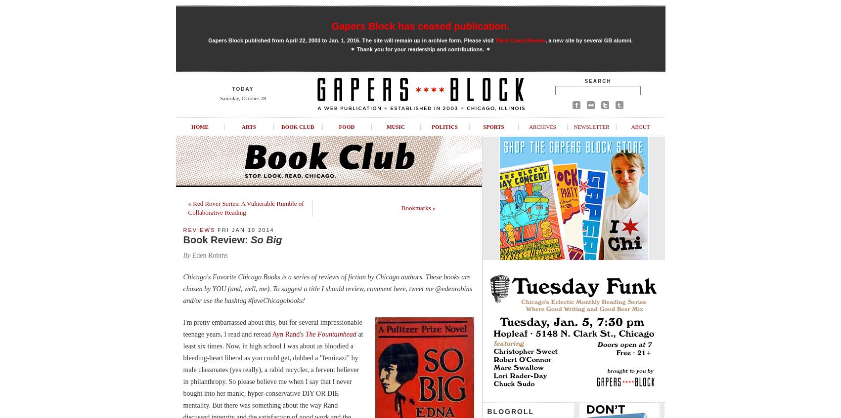 The width and height of the screenshot is (841, 418). What do you see at coordinates (327, 289) in the screenshot?
I see `'Chicago's Favorite Chicago Books is a series of reviews of fiction by Chicago authors. These books are chosen by YOU (and, well, me). To suggest a title I should review, comment here, tweet me @edenrobins and/or use the hashtag #faveChicagobooks!'` at bounding box center [327, 289].